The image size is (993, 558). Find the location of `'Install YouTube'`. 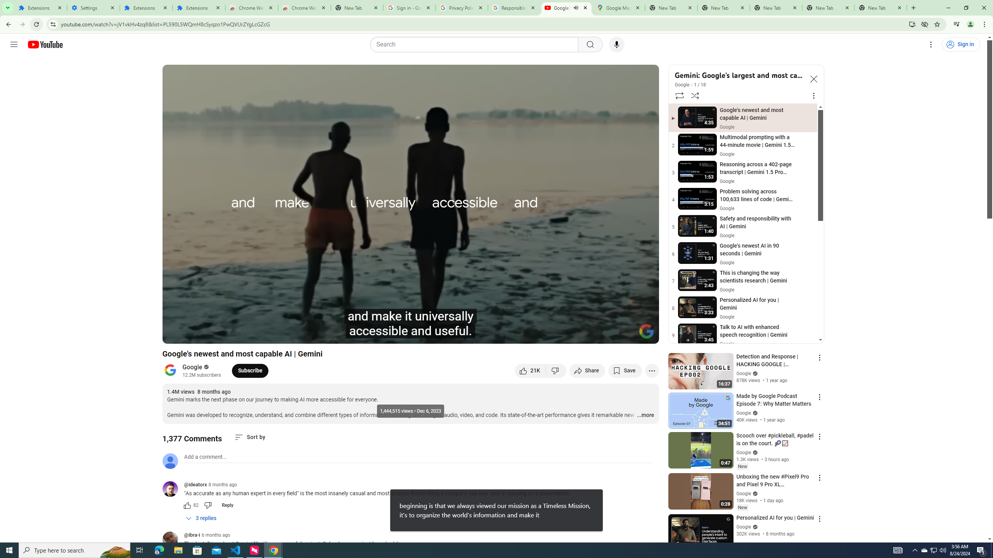

'Install YouTube' is located at coordinates (912, 24).